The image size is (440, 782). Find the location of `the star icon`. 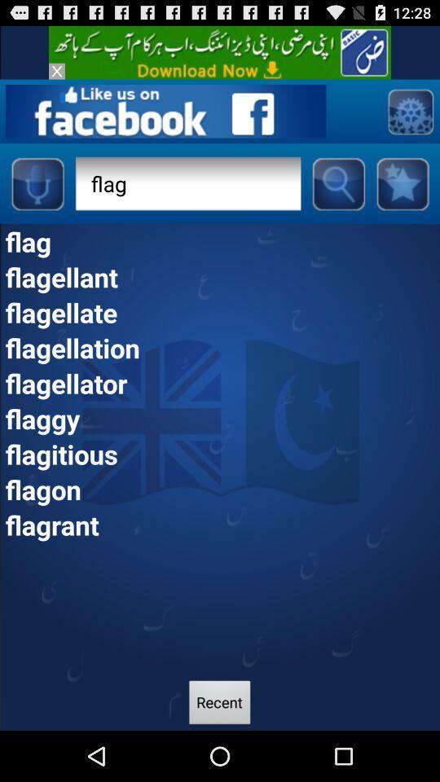

the star icon is located at coordinates (402, 195).